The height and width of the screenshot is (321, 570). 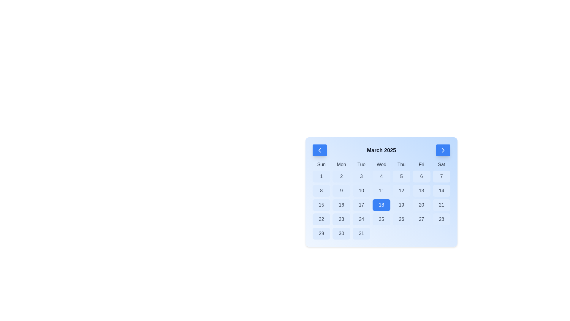 What do you see at coordinates (361, 191) in the screenshot?
I see `the interactive calendar day button displaying the number '10' in the fourth row and third column` at bounding box center [361, 191].